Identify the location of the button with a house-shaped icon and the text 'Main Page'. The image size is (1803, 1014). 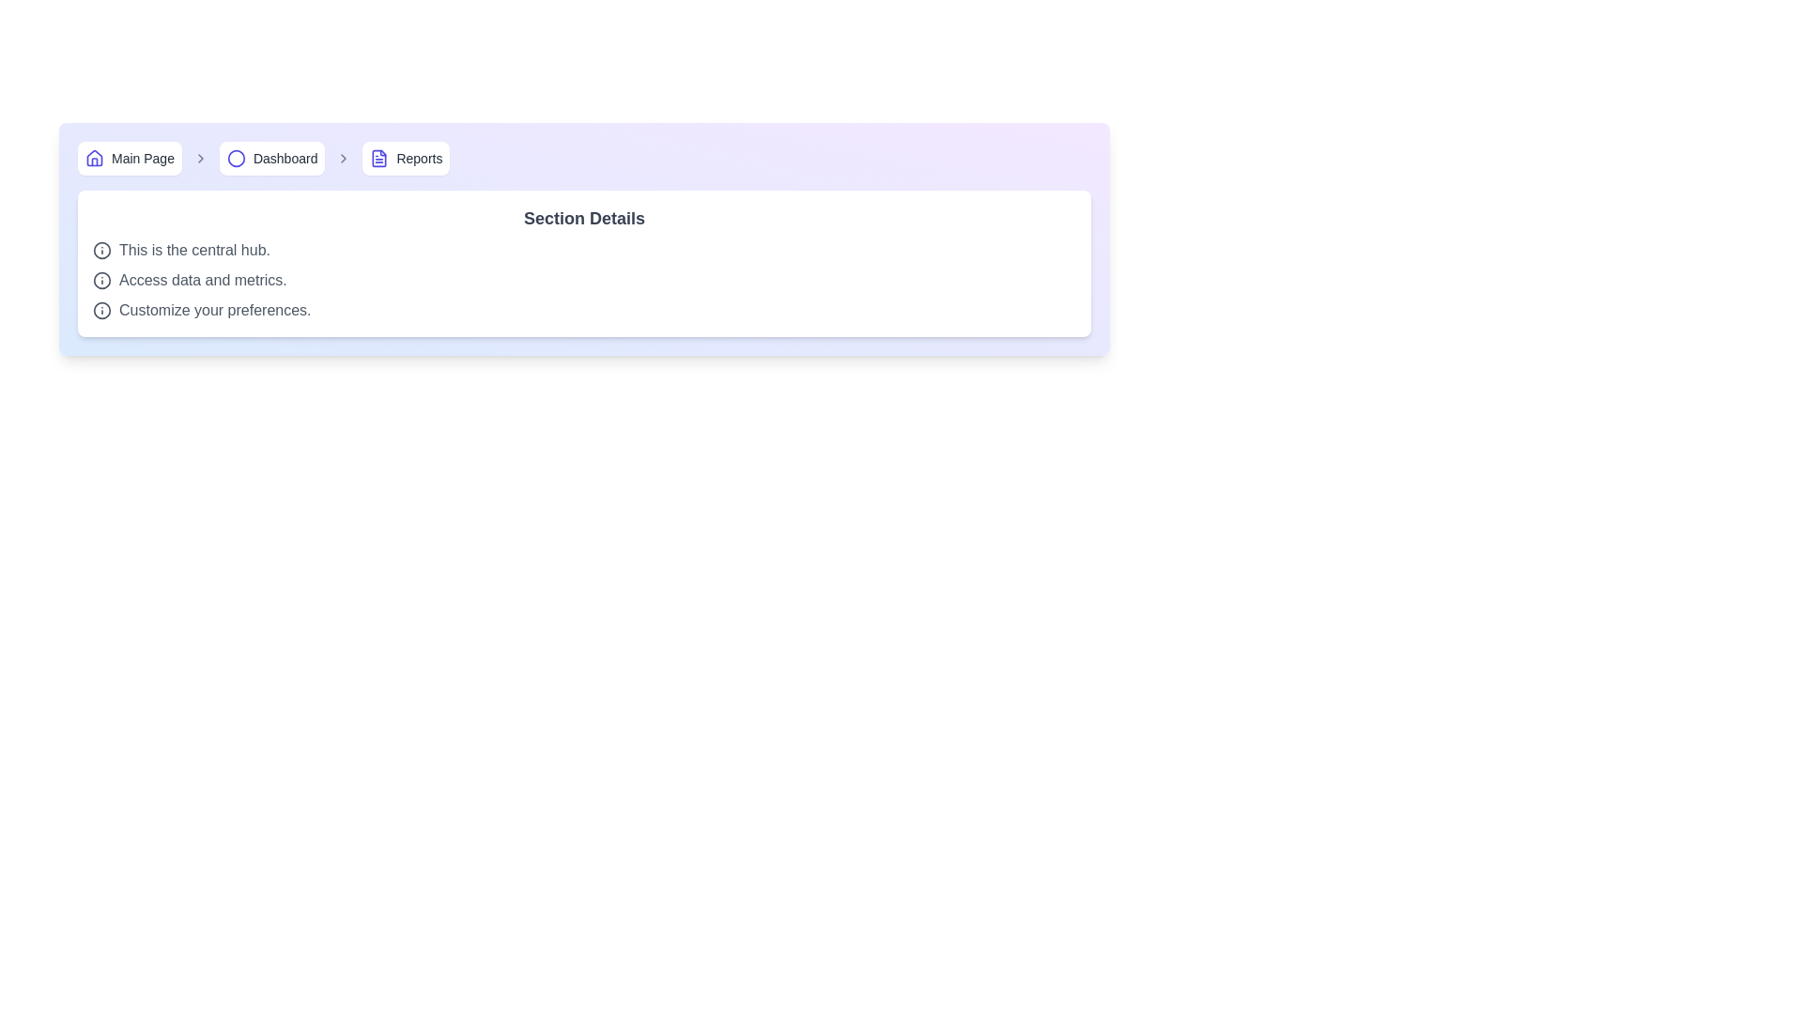
(129, 158).